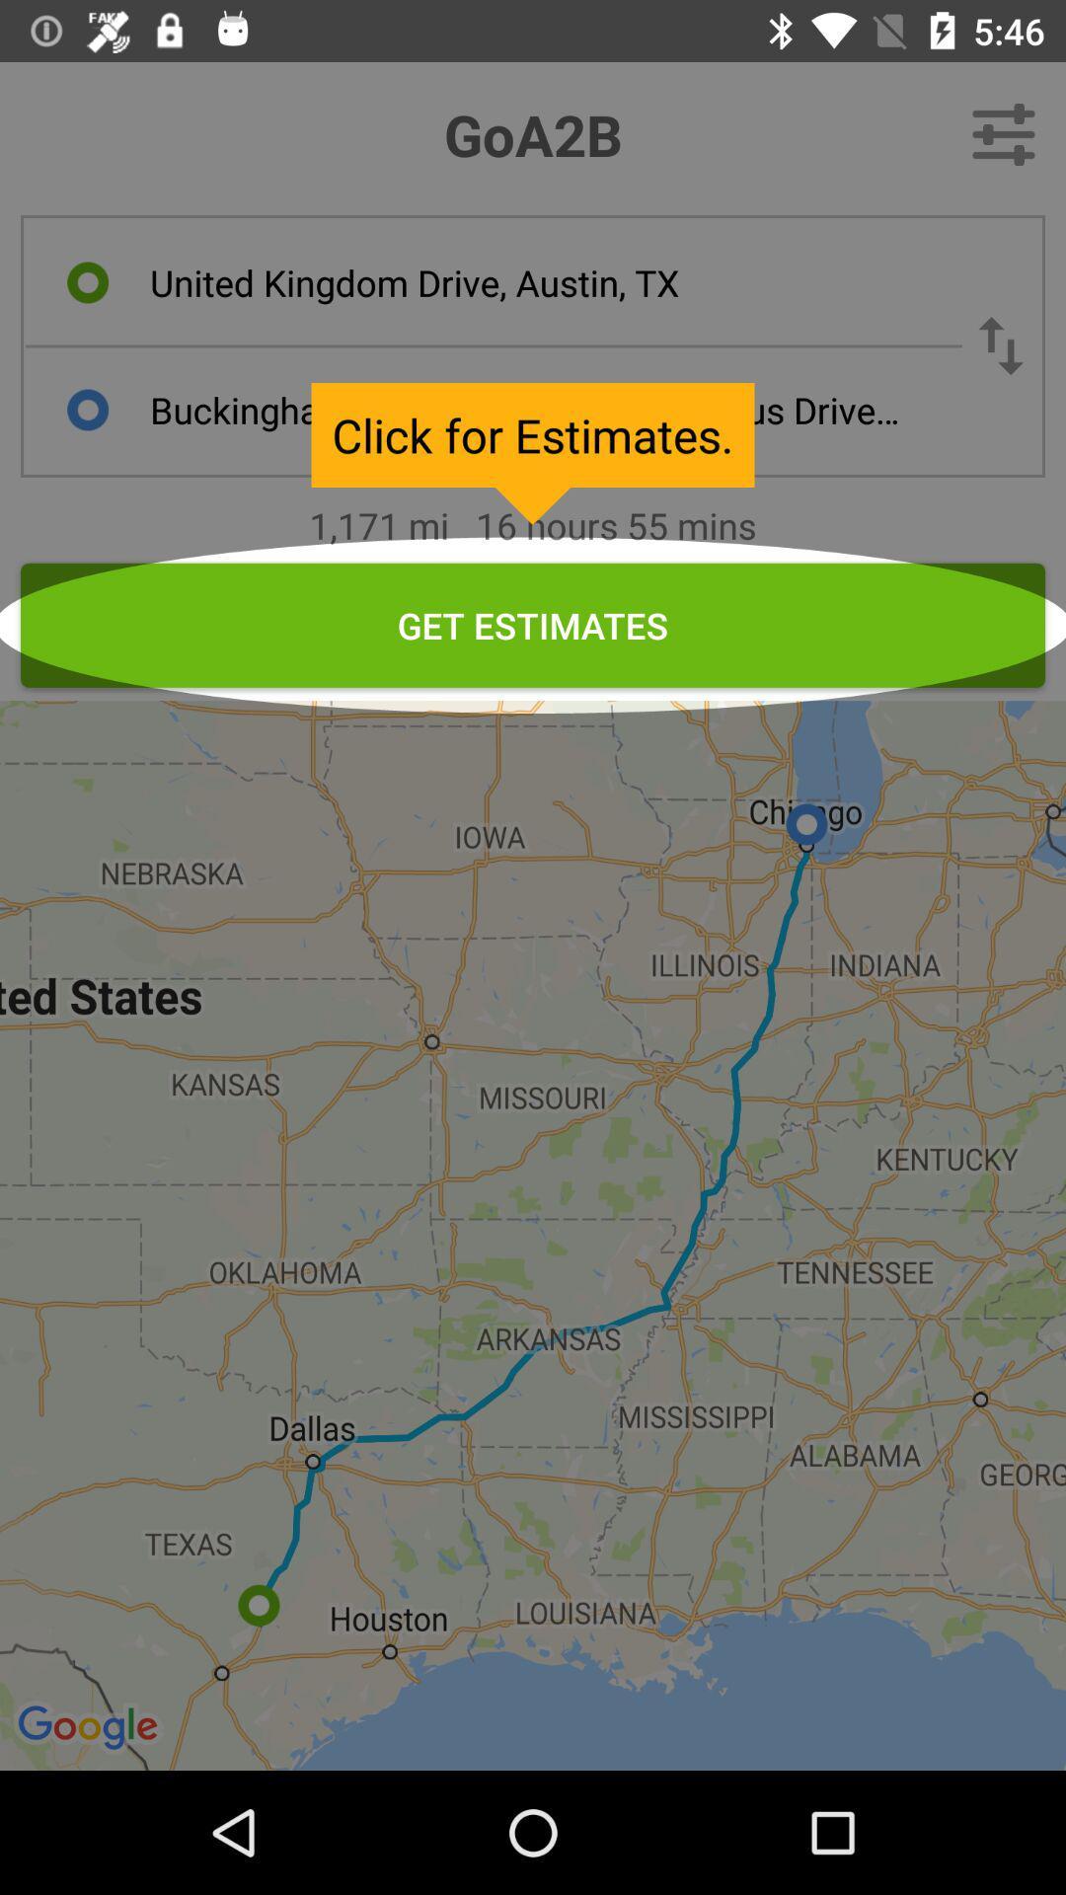 The image size is (1066, 1895). What do you see at coordinates (1001, 345) in the screenshot?
I see `the compare icon` at bounding box center [1001, 345].